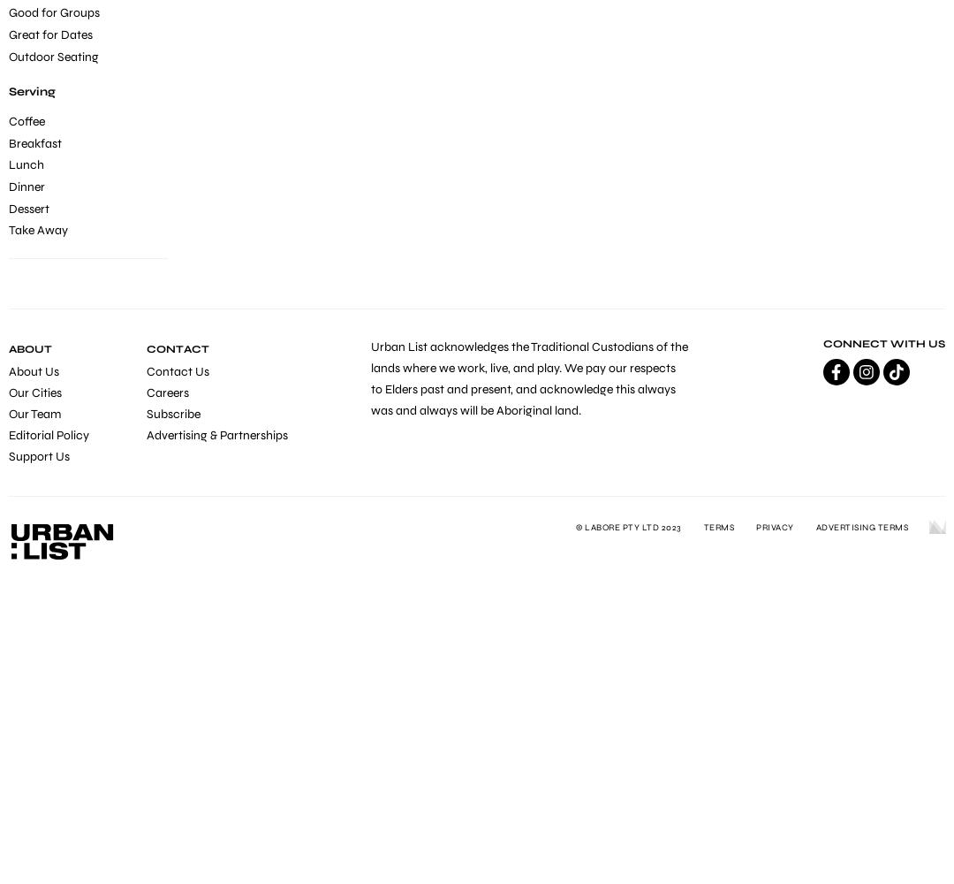 This screenshot has height=884, width=954. I want to click on 'Contact Us', so click(177, 371).